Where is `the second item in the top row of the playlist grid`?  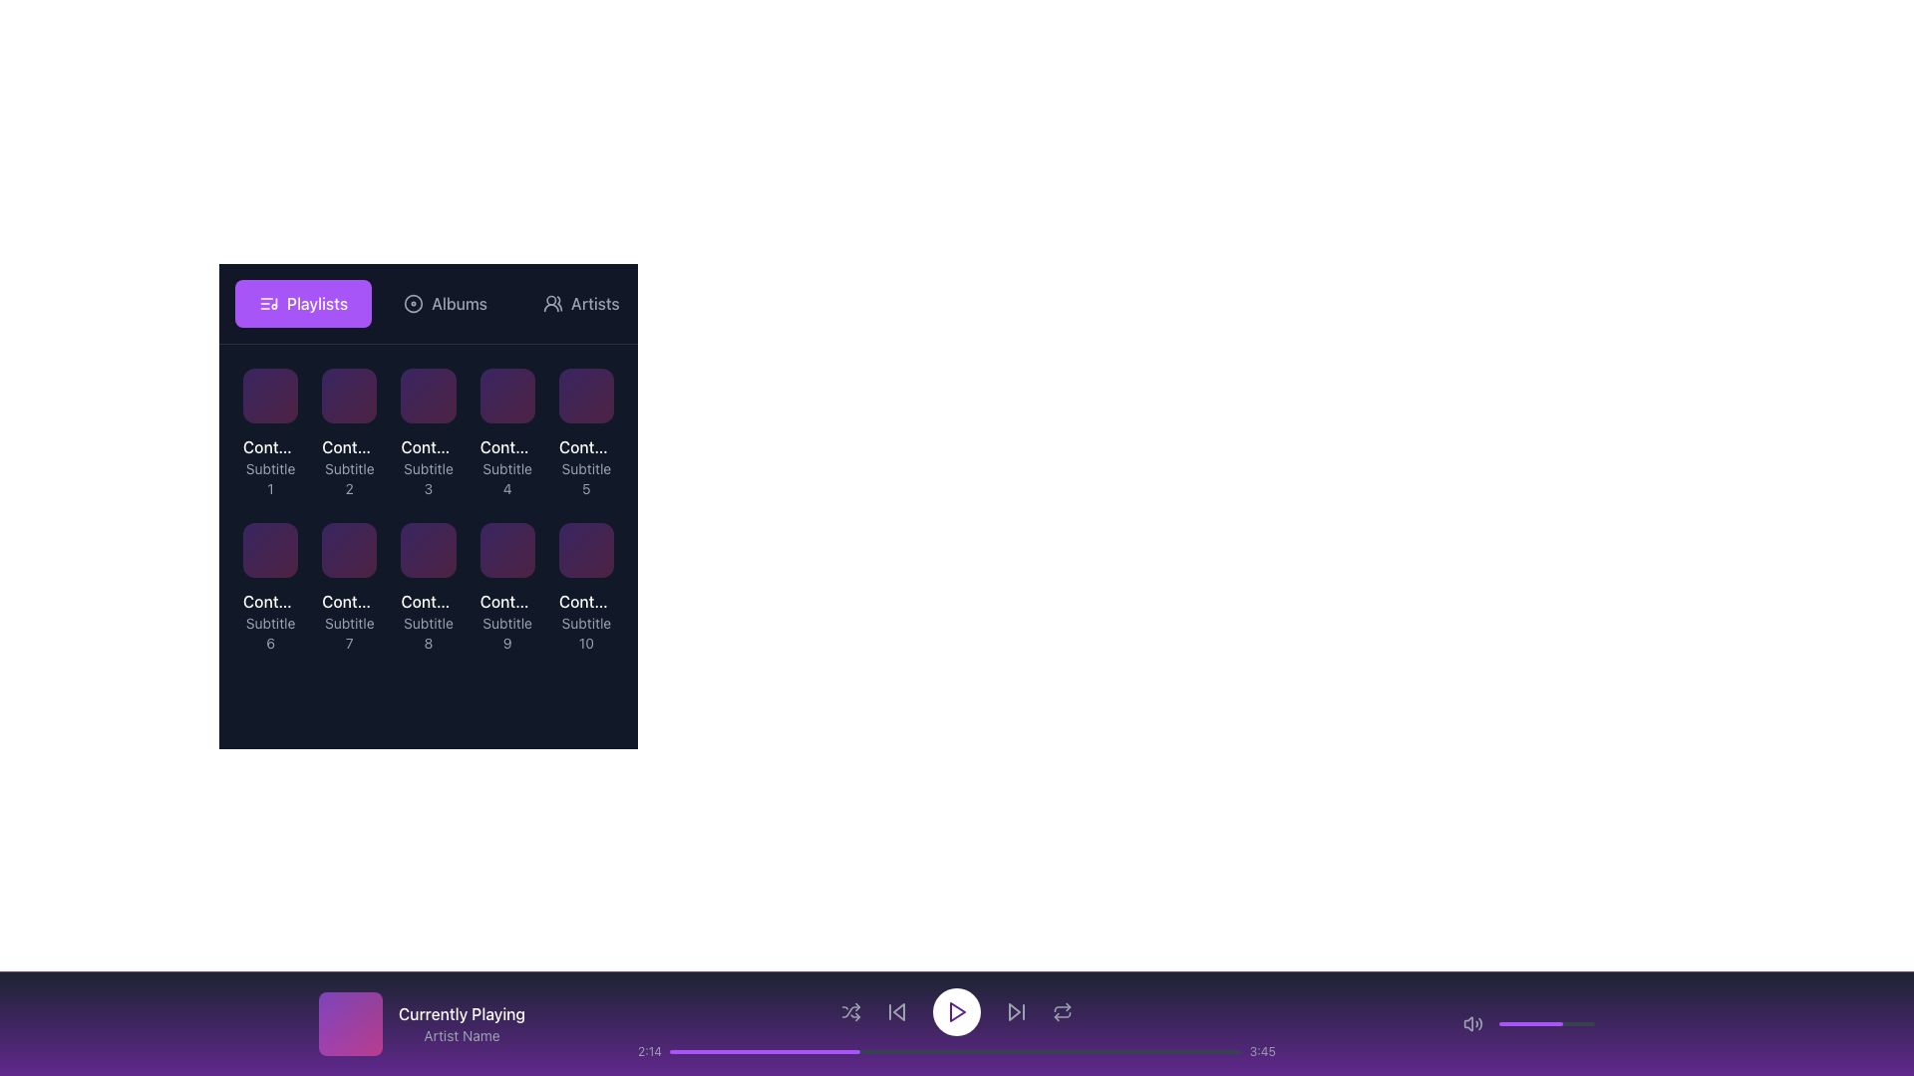
the second item in the top row of the playlist grid is located at coordinates (349, 396).